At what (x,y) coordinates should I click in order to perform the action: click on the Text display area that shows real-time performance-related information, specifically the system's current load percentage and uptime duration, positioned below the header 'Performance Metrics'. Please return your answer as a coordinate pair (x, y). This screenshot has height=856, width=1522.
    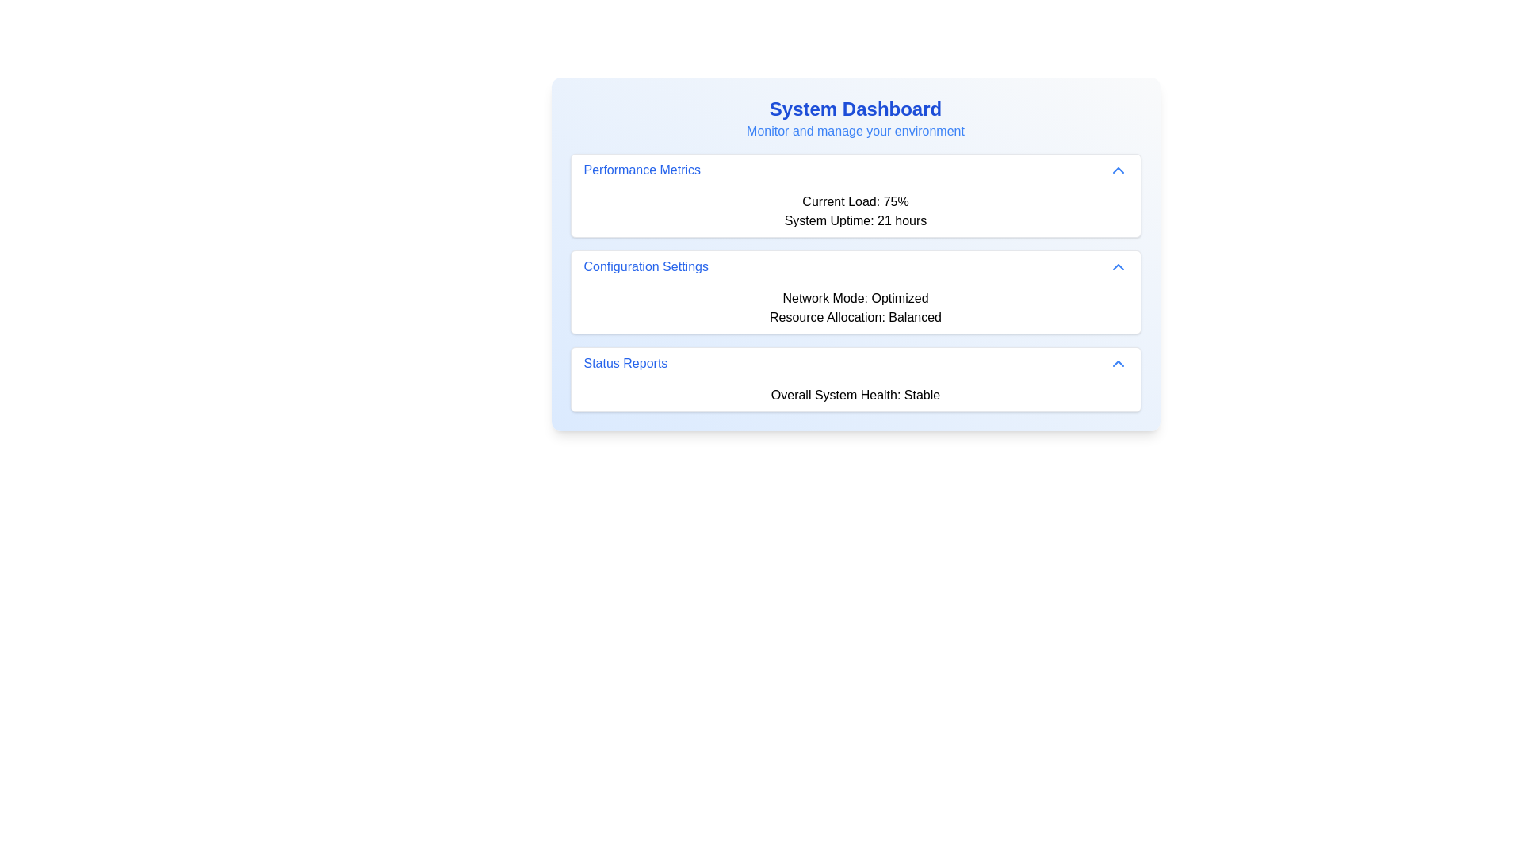
    Looking at the image, I should click on (855, 210).